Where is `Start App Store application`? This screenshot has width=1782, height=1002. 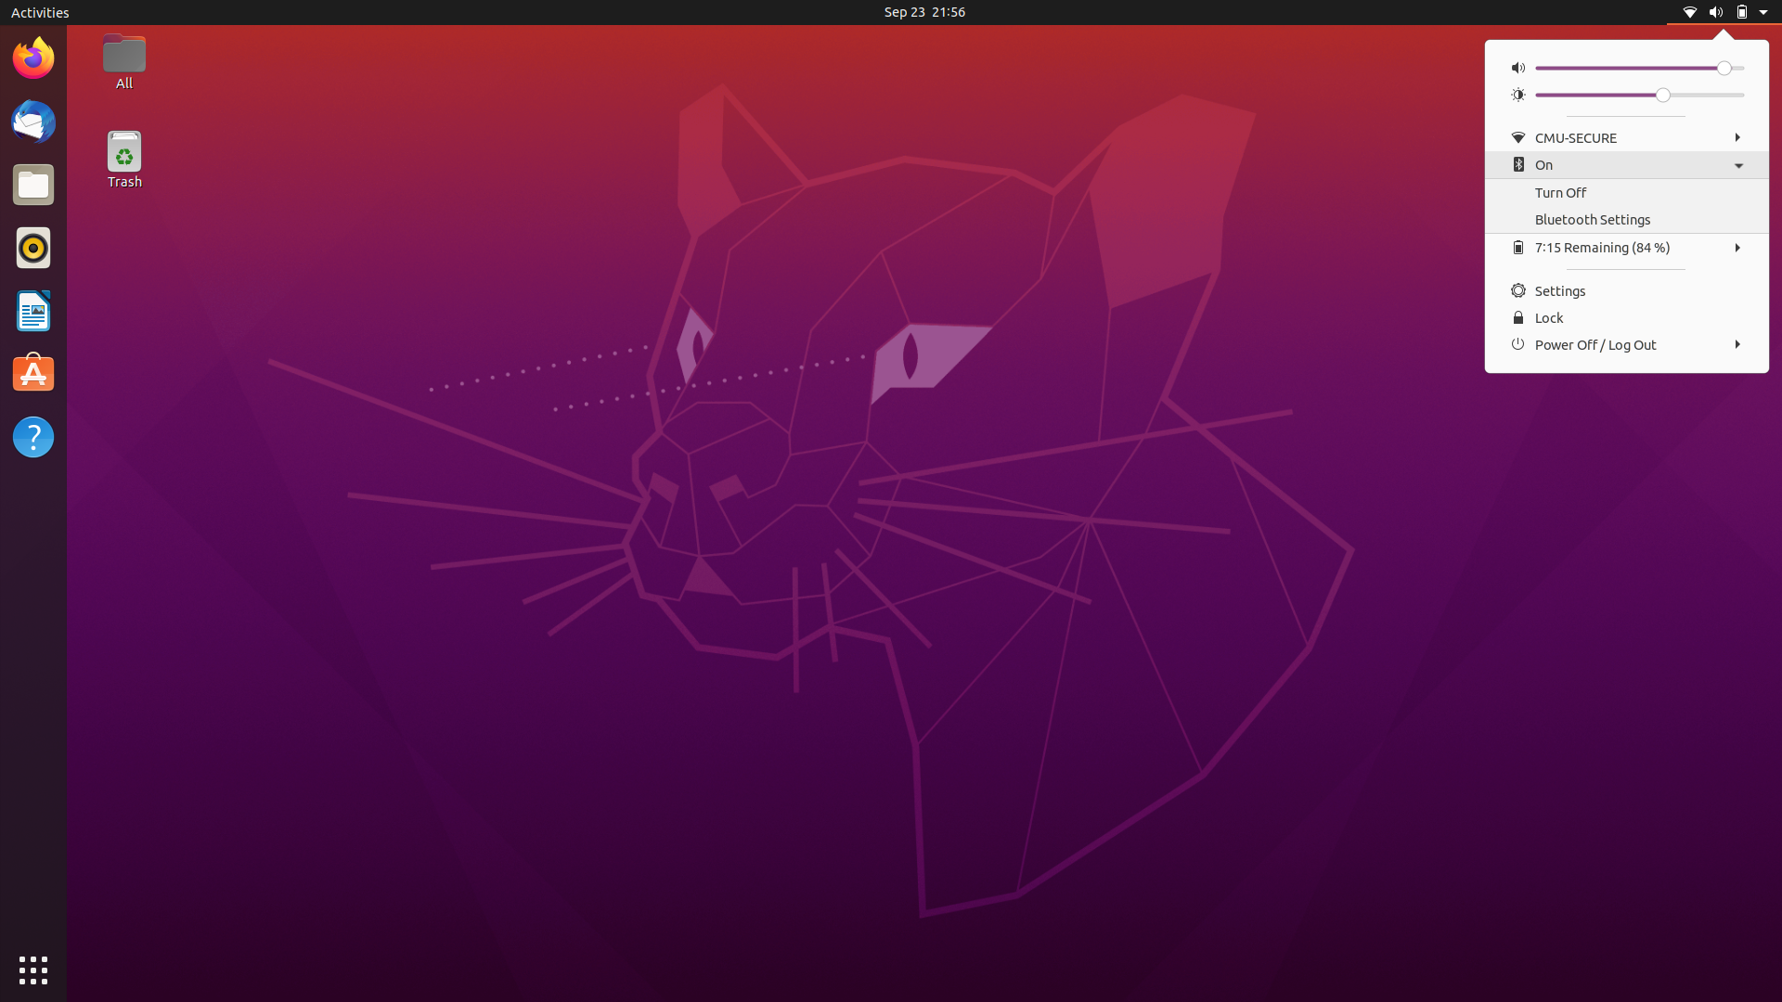
Start App Store application is located at coordinates (32, 308).